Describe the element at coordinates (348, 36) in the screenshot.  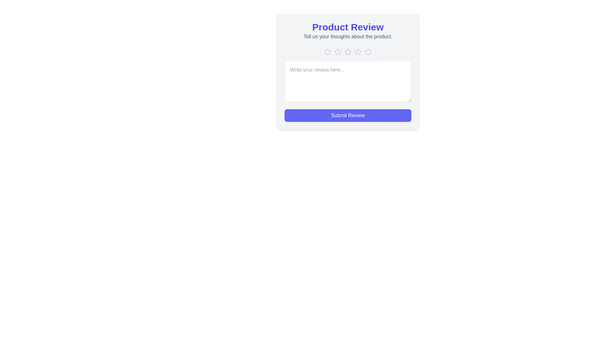
I see `the static text element that prompts users to provide their opinions or reviews about a product, positioned below the 'Product Review' title and above the star rating icons` at that location.